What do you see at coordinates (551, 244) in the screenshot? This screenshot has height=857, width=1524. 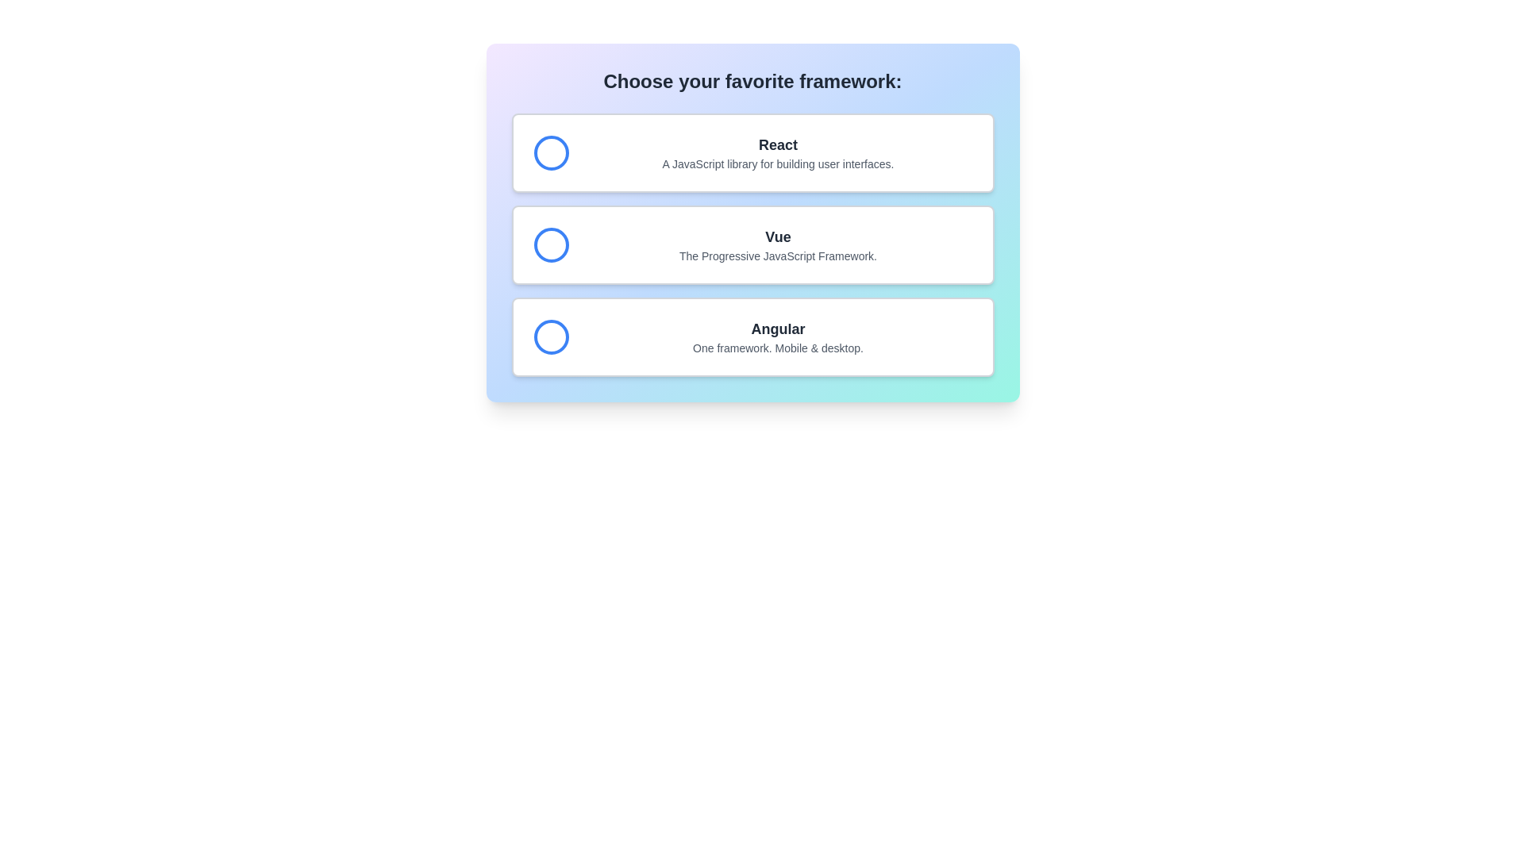 I see `the radio button indicator for selecting the 'Vue' framework option located in the second option row of the vertical list of framework choices` at bounding box center [551, 244].